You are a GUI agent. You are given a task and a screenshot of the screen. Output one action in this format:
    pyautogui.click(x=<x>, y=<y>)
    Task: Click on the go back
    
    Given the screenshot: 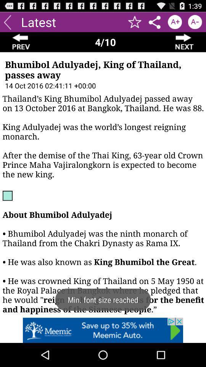 What is the action you would take?
    pyautogui.click(x=7, y=21)
    